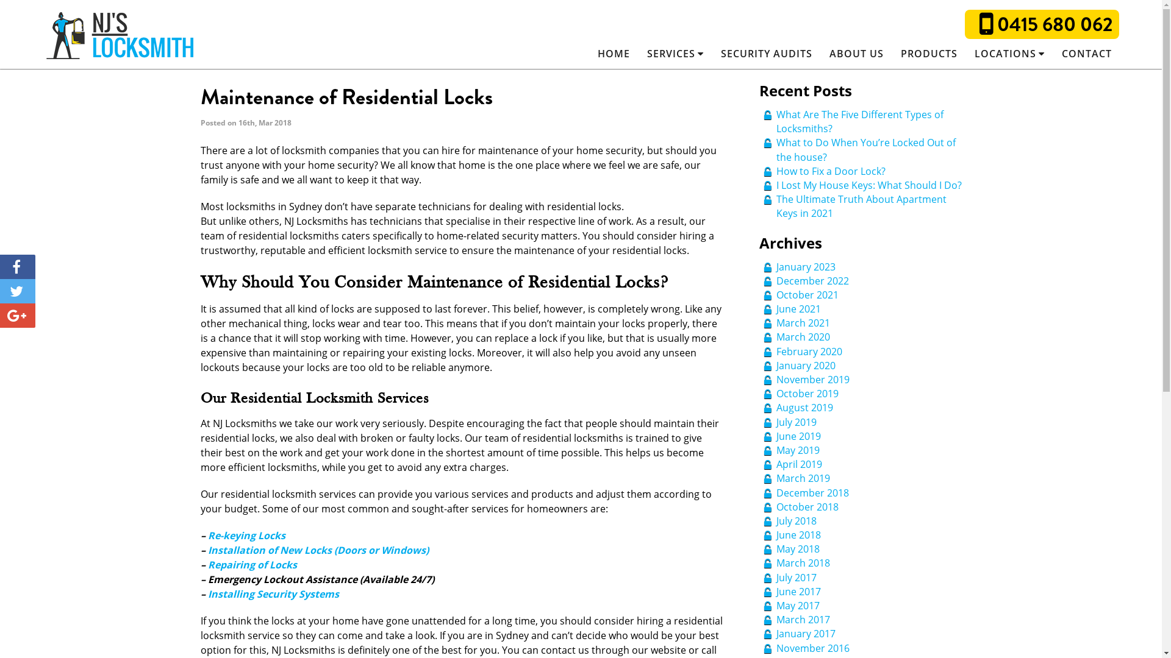 This screenshot has width=1171, height=658. Describe the element at coordinates (805, 365) in the screenshot. I see `'January 2020'` at that location.